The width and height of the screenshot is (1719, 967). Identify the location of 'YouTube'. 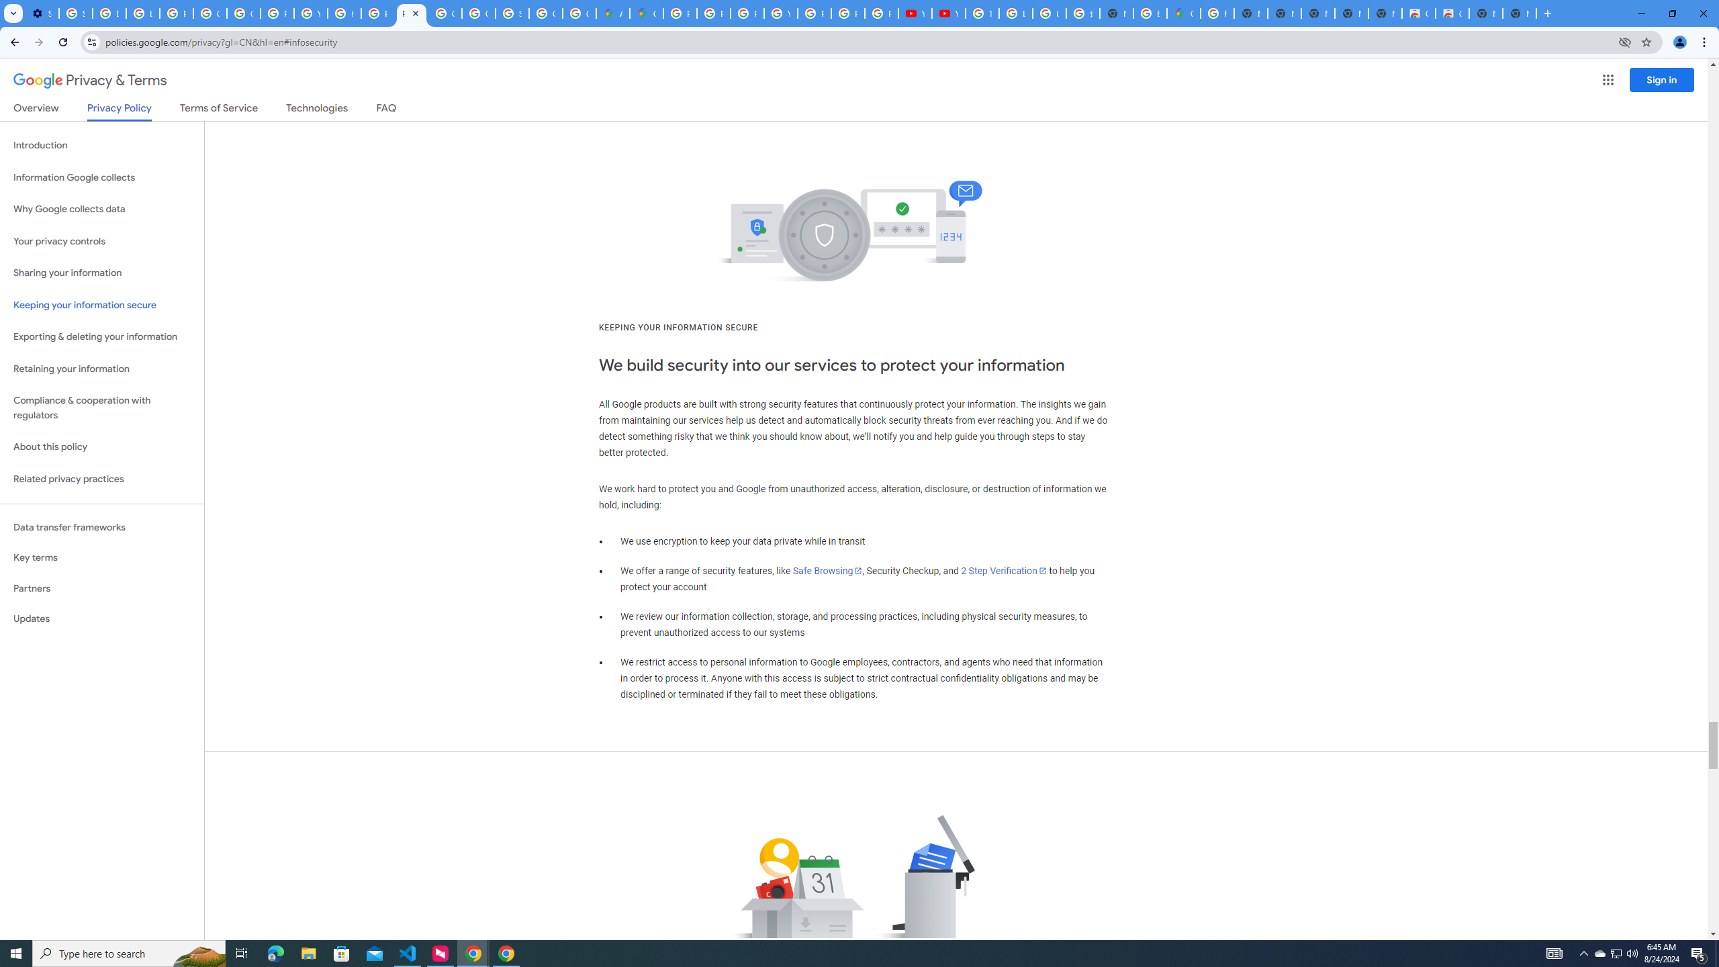
(915, 13).